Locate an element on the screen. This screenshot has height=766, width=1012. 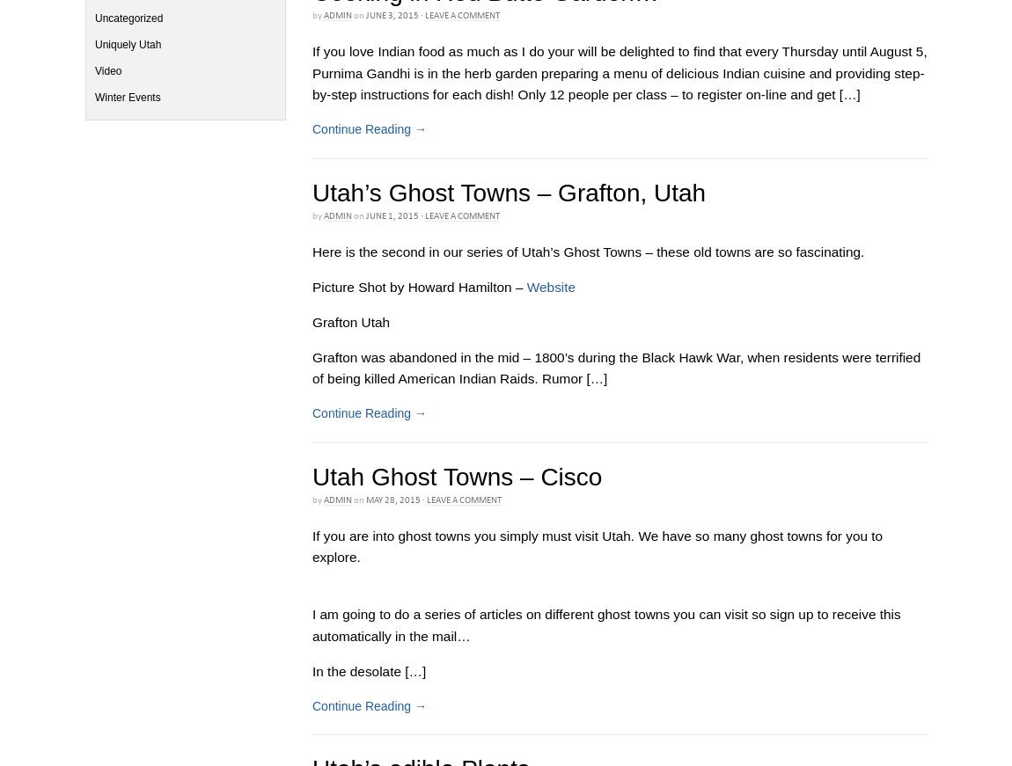
'June 1, 2015' is located at coordinates (365, 215).